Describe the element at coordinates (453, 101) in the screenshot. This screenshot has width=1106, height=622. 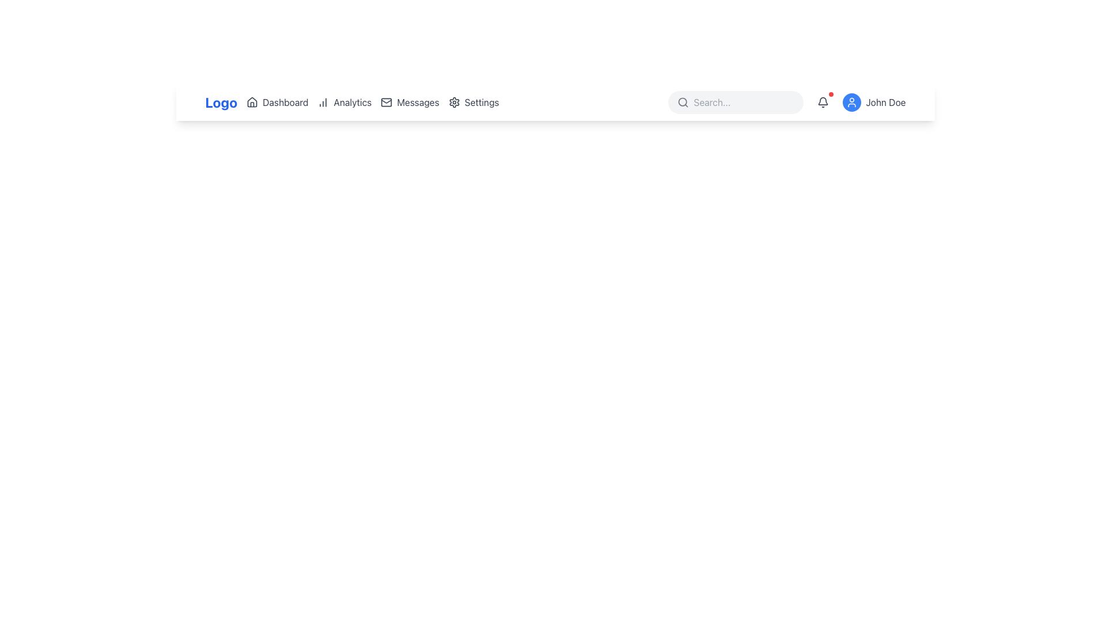
I see `the settings icon (gear) located in the top navigation bar, positioned to the right of the 'Messages' icon and before the 'Search' section` at that location.